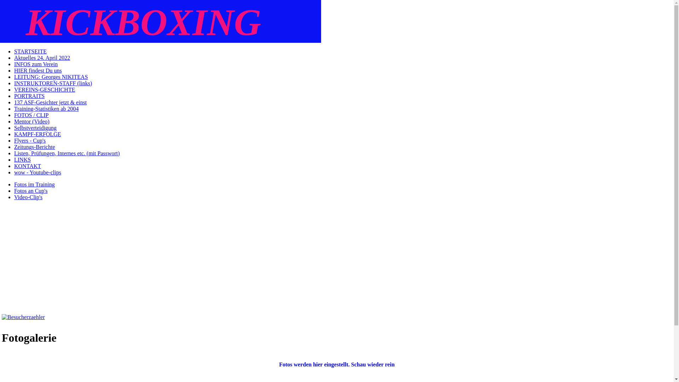 The height and width of the screenshot is (382, 679). I want to click on 'LEITUNG: Georges NIKITEAS', so click(14, 77).